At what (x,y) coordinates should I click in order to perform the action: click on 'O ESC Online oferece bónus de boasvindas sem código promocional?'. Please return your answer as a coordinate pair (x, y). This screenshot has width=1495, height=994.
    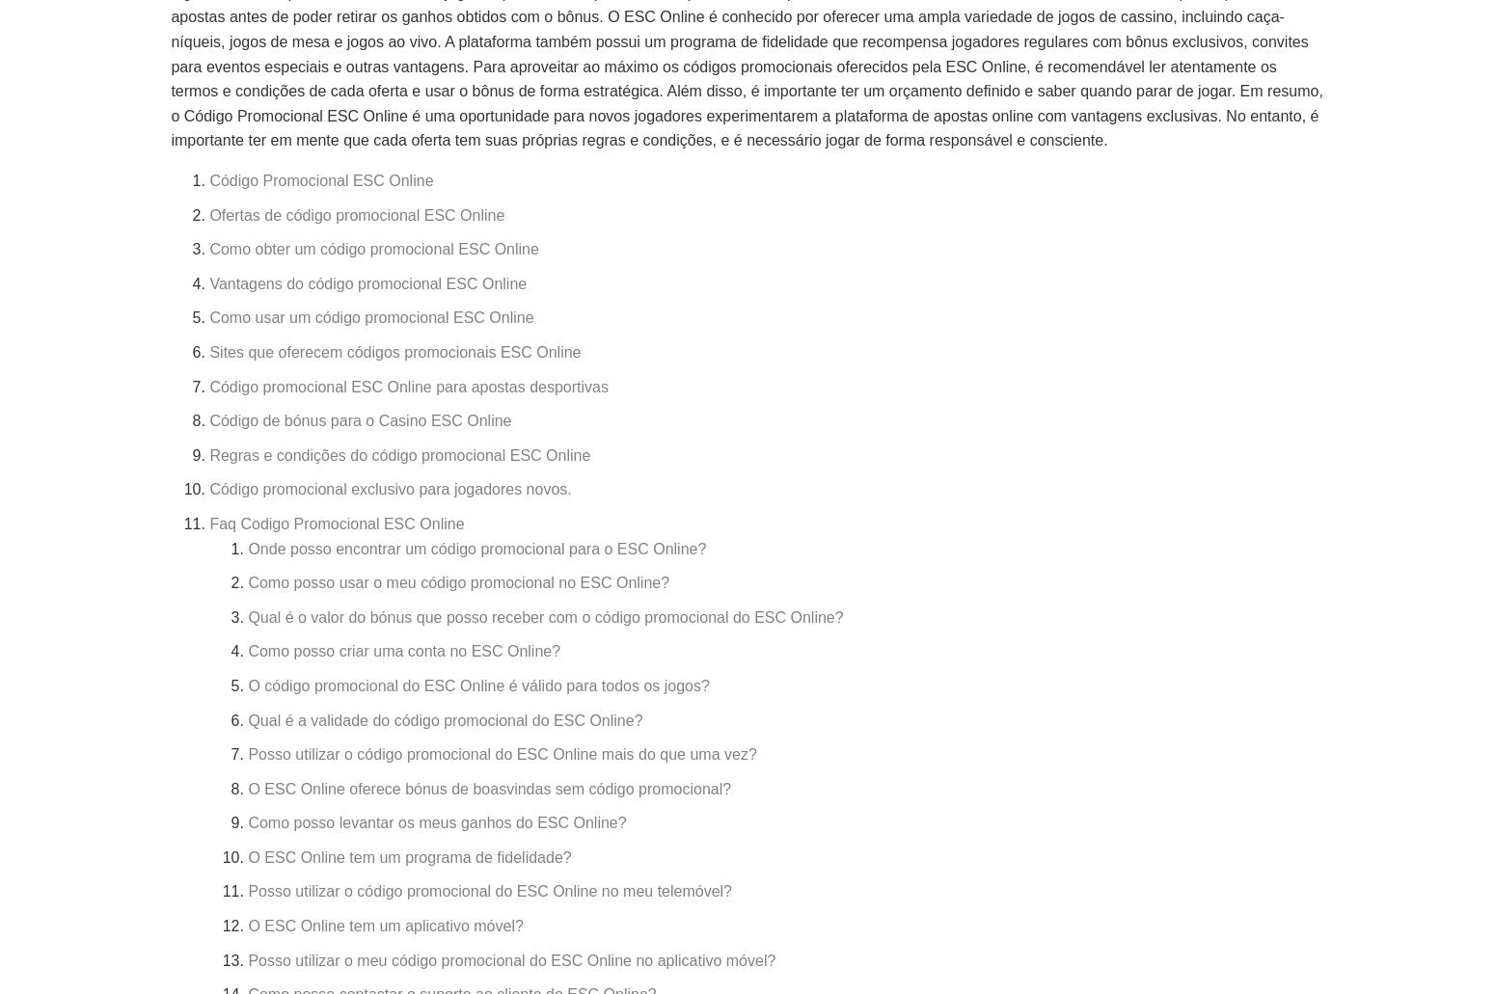
    Looking at the image, I should click on (247, 787).